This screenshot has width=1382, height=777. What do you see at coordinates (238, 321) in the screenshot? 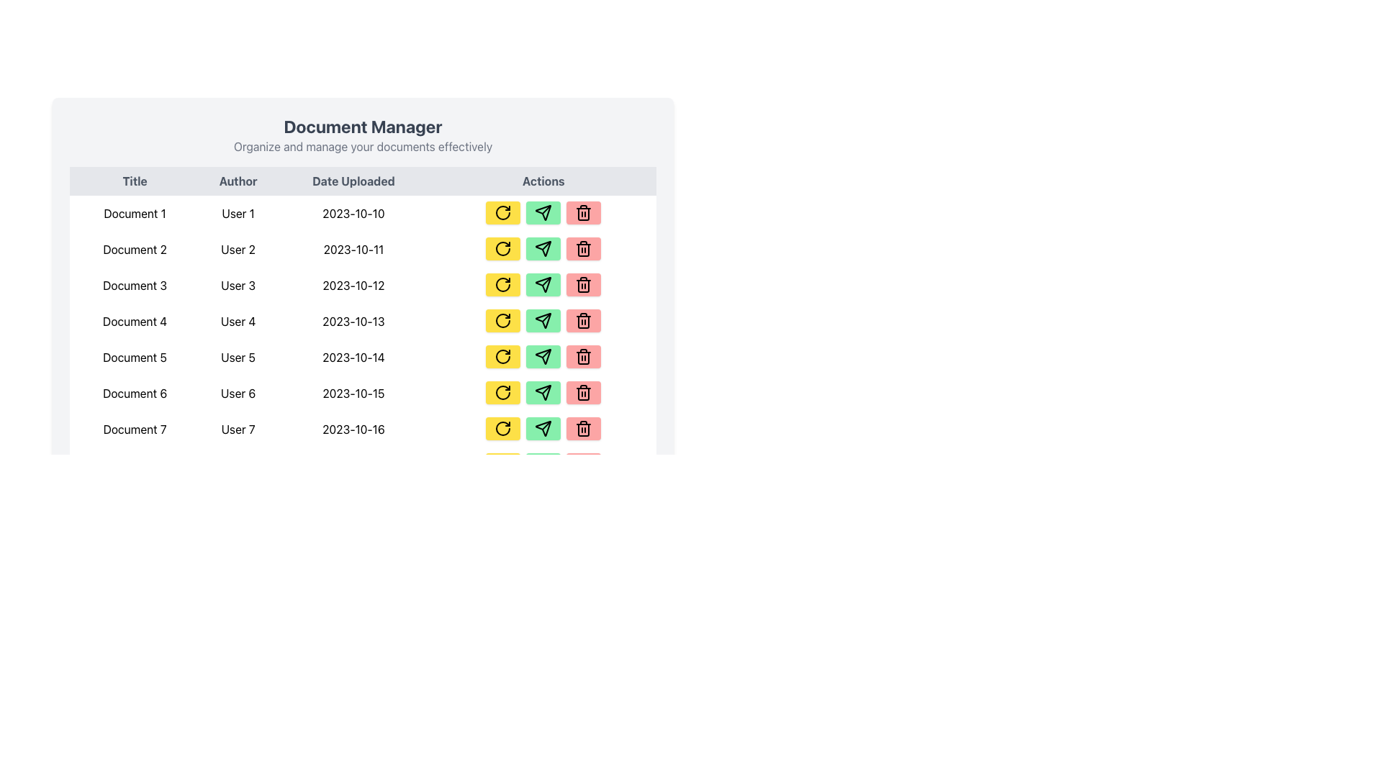
I see `text label that displays the author information 'User 4' for 'Document 4'` at bounding box center [238, 321].